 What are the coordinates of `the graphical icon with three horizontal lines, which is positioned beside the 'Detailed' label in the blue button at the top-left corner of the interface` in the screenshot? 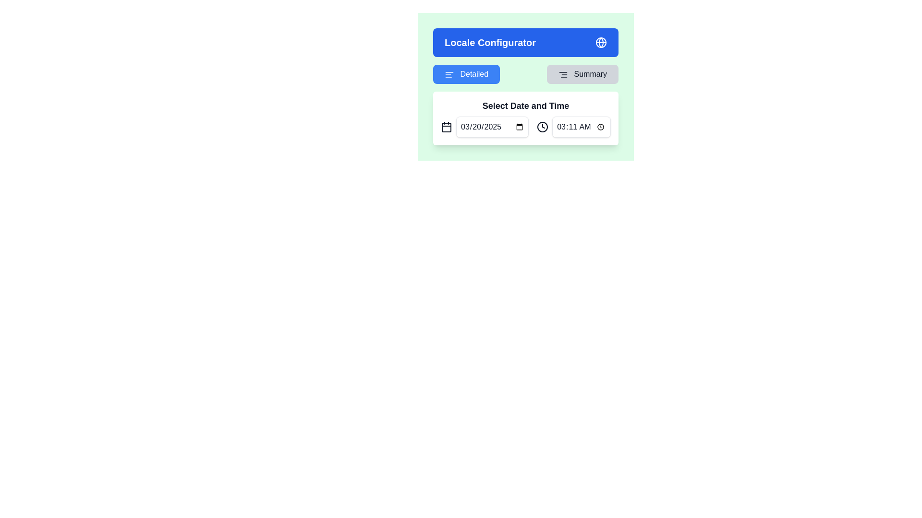 It's located at (449, 73).